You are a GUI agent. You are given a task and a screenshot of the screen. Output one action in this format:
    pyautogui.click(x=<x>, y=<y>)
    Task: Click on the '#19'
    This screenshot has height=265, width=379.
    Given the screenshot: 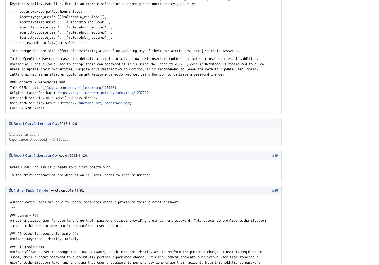 What is the action you would take?
    pyautogui.click(x=275, y=155)
    